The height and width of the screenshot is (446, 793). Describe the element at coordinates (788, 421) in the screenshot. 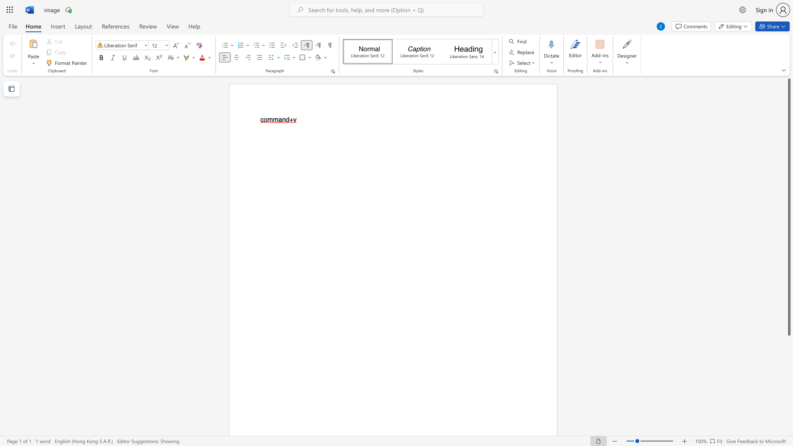

I see `the scrollbar to scroll the page down` at that location.